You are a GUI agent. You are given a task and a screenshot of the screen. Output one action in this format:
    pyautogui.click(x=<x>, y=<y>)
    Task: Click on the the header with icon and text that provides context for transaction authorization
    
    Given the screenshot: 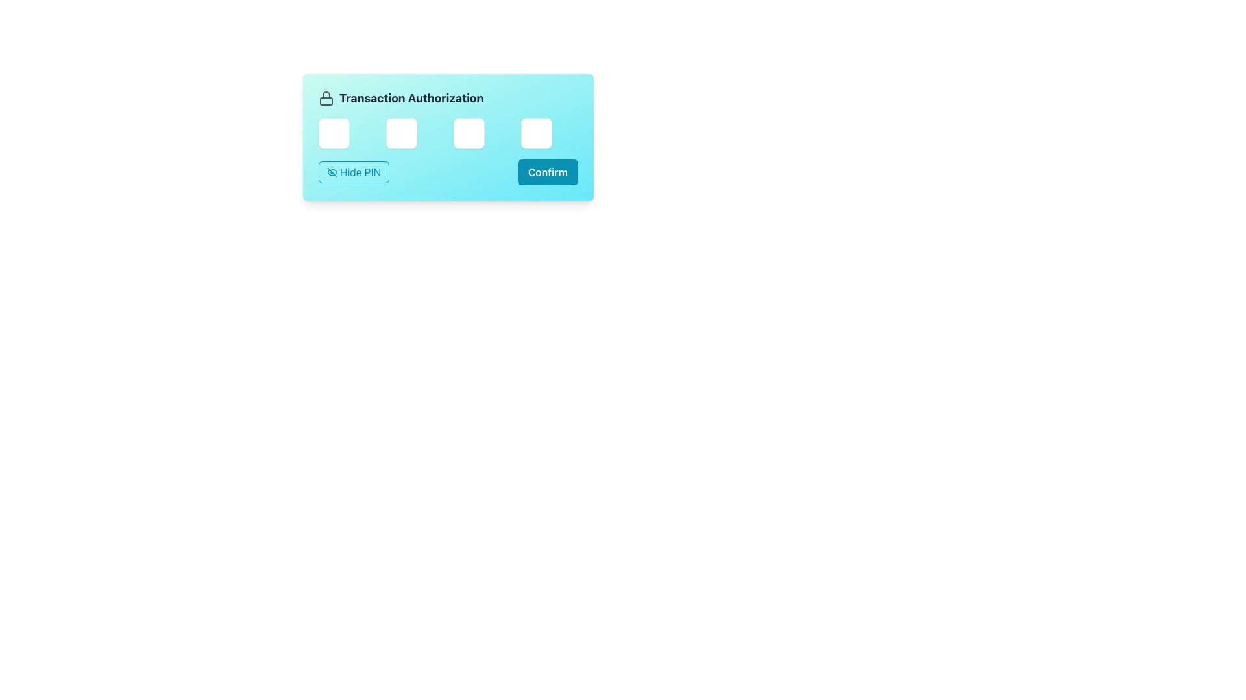 What is the action you would take?
    pyautogui.click(x=448, y=97)
    